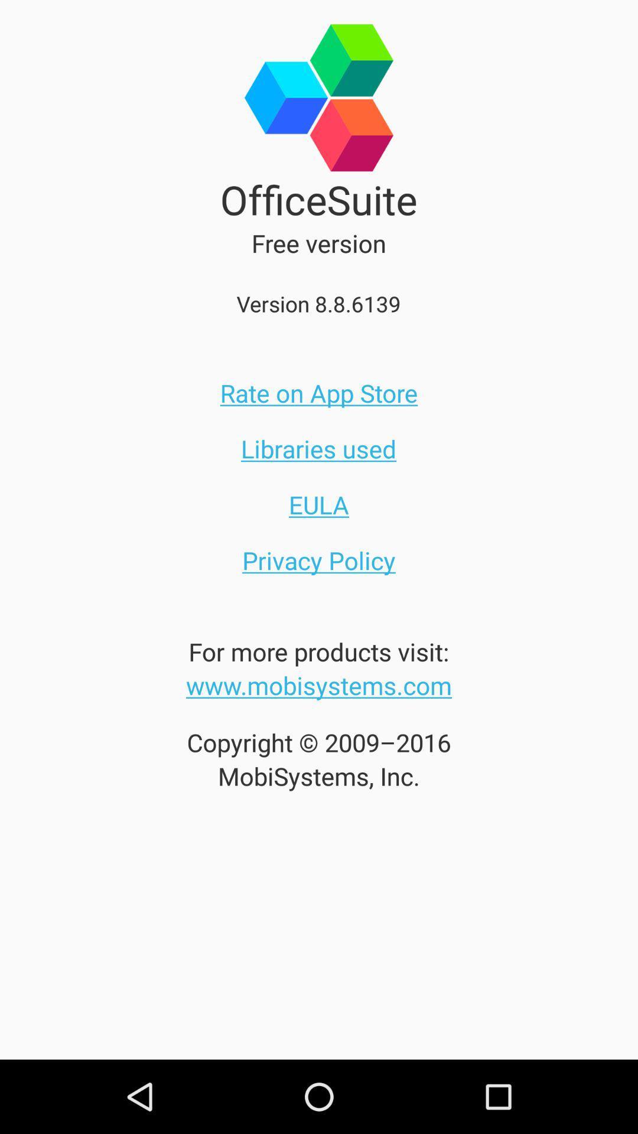 Image resolution: width=638 pixels, height=1134 pixels. Describe the element at coordinates (318, 448) in the screenshot. I see `the icon above eula item` at that location.